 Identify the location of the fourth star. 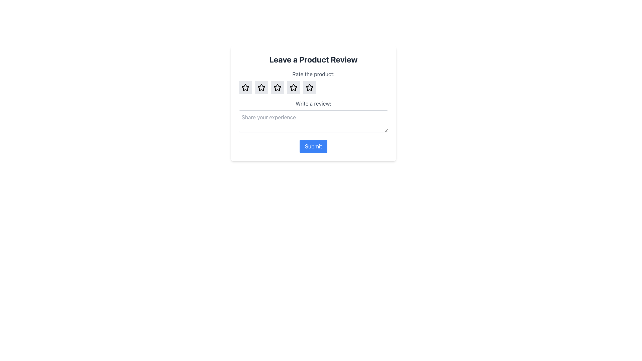
(313, 87).